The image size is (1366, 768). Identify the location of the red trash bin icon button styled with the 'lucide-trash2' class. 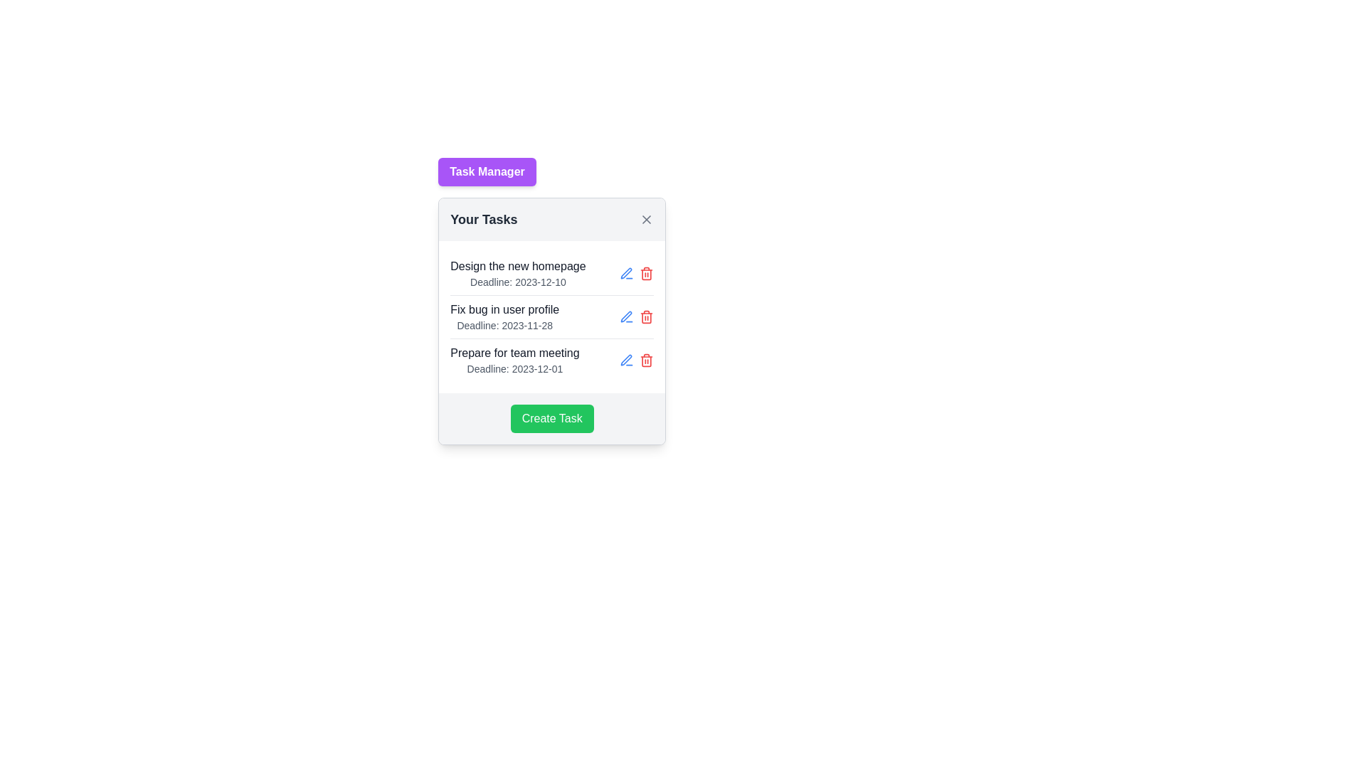
(645, 274).